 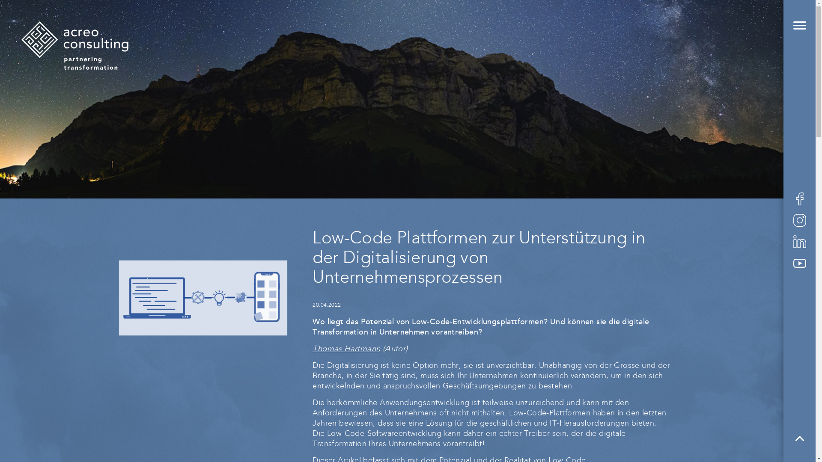 I want to click on 'Thomas Hartmann', so click(x=346, y=349).